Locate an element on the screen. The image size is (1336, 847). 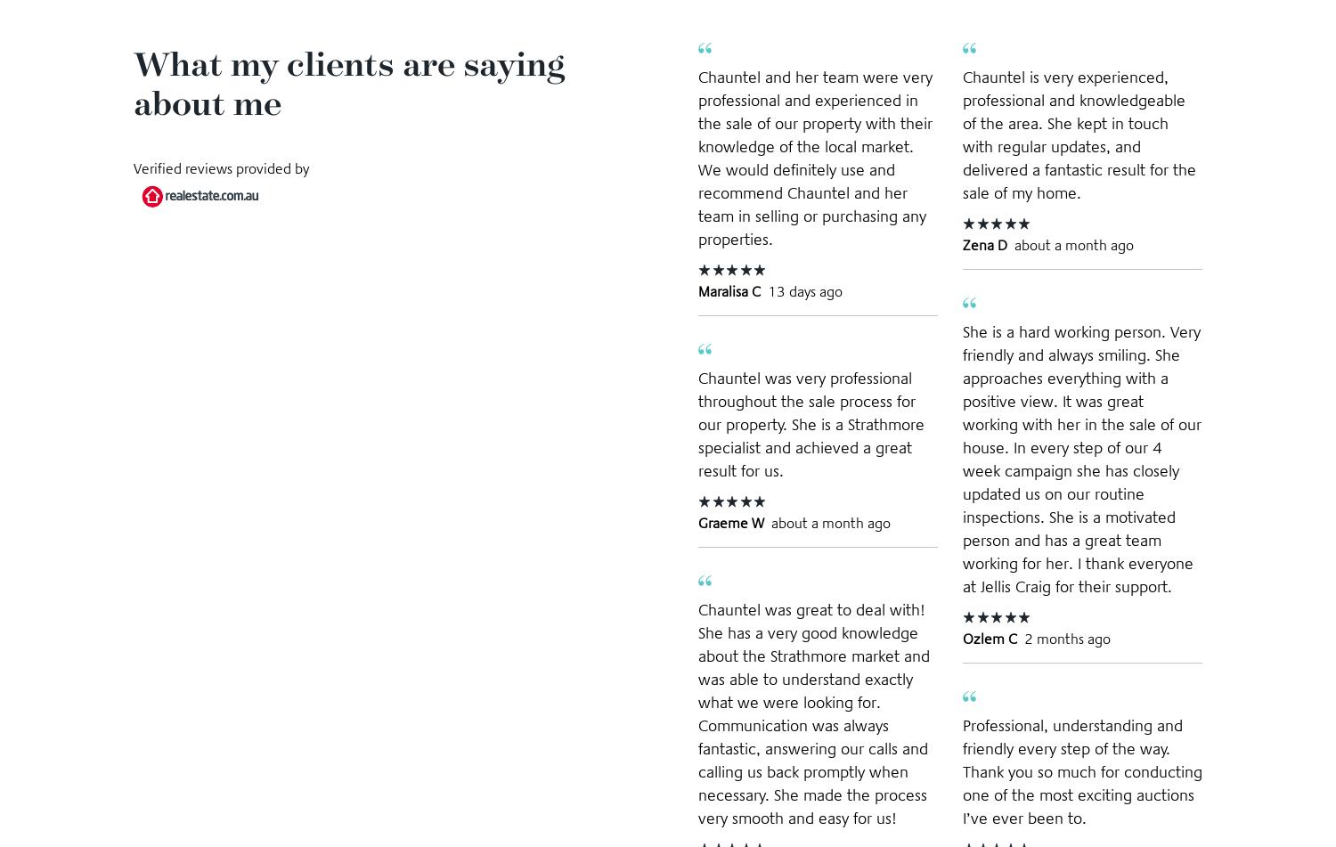
'Professional, understanding and friendly every step of the way. 
Thank you so much for conducting one of the most exciting auctions I’ve ever been to.' is located at coordinates (1081, 770).